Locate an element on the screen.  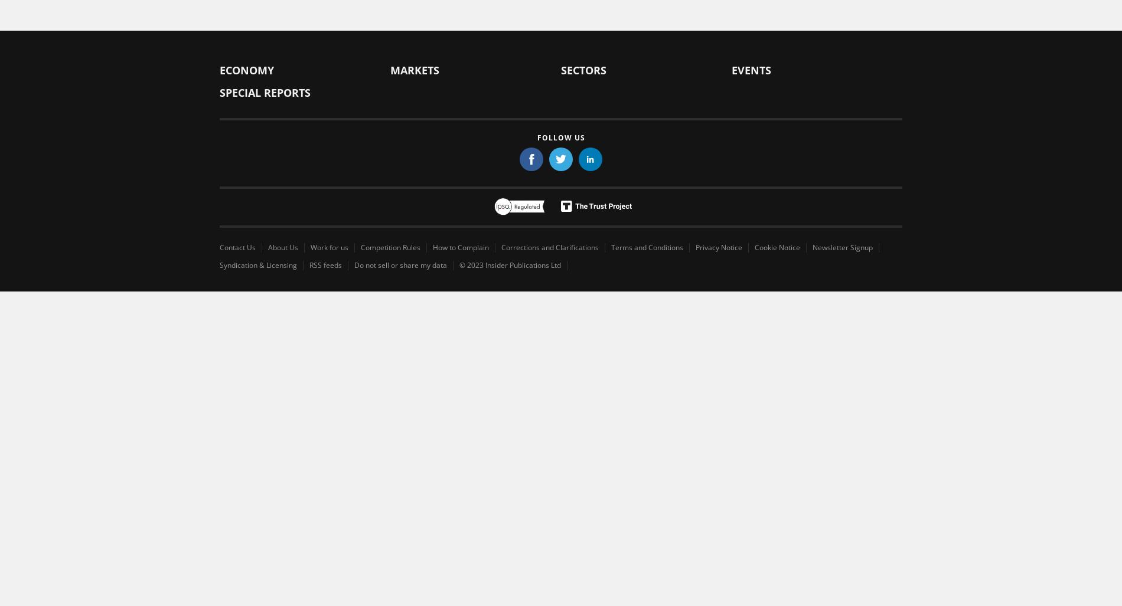
'Terms and Conditions' is located at coordinates (647, 246).